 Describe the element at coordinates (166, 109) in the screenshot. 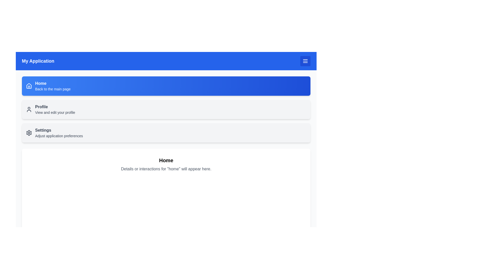

I see `the second item in the vertical navigation list, which is related to user profile viewing and editing` at that location.